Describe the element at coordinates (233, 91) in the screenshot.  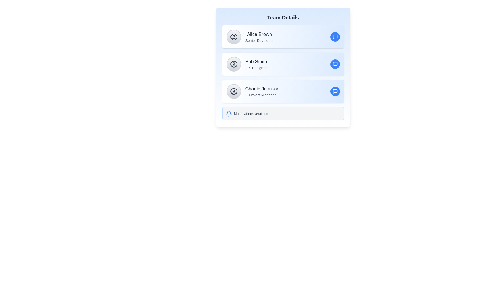
I see `the circular icon representing the user 'Charlie Johnson, Project Manager' in the team details layout by moving to its center point` at that location.